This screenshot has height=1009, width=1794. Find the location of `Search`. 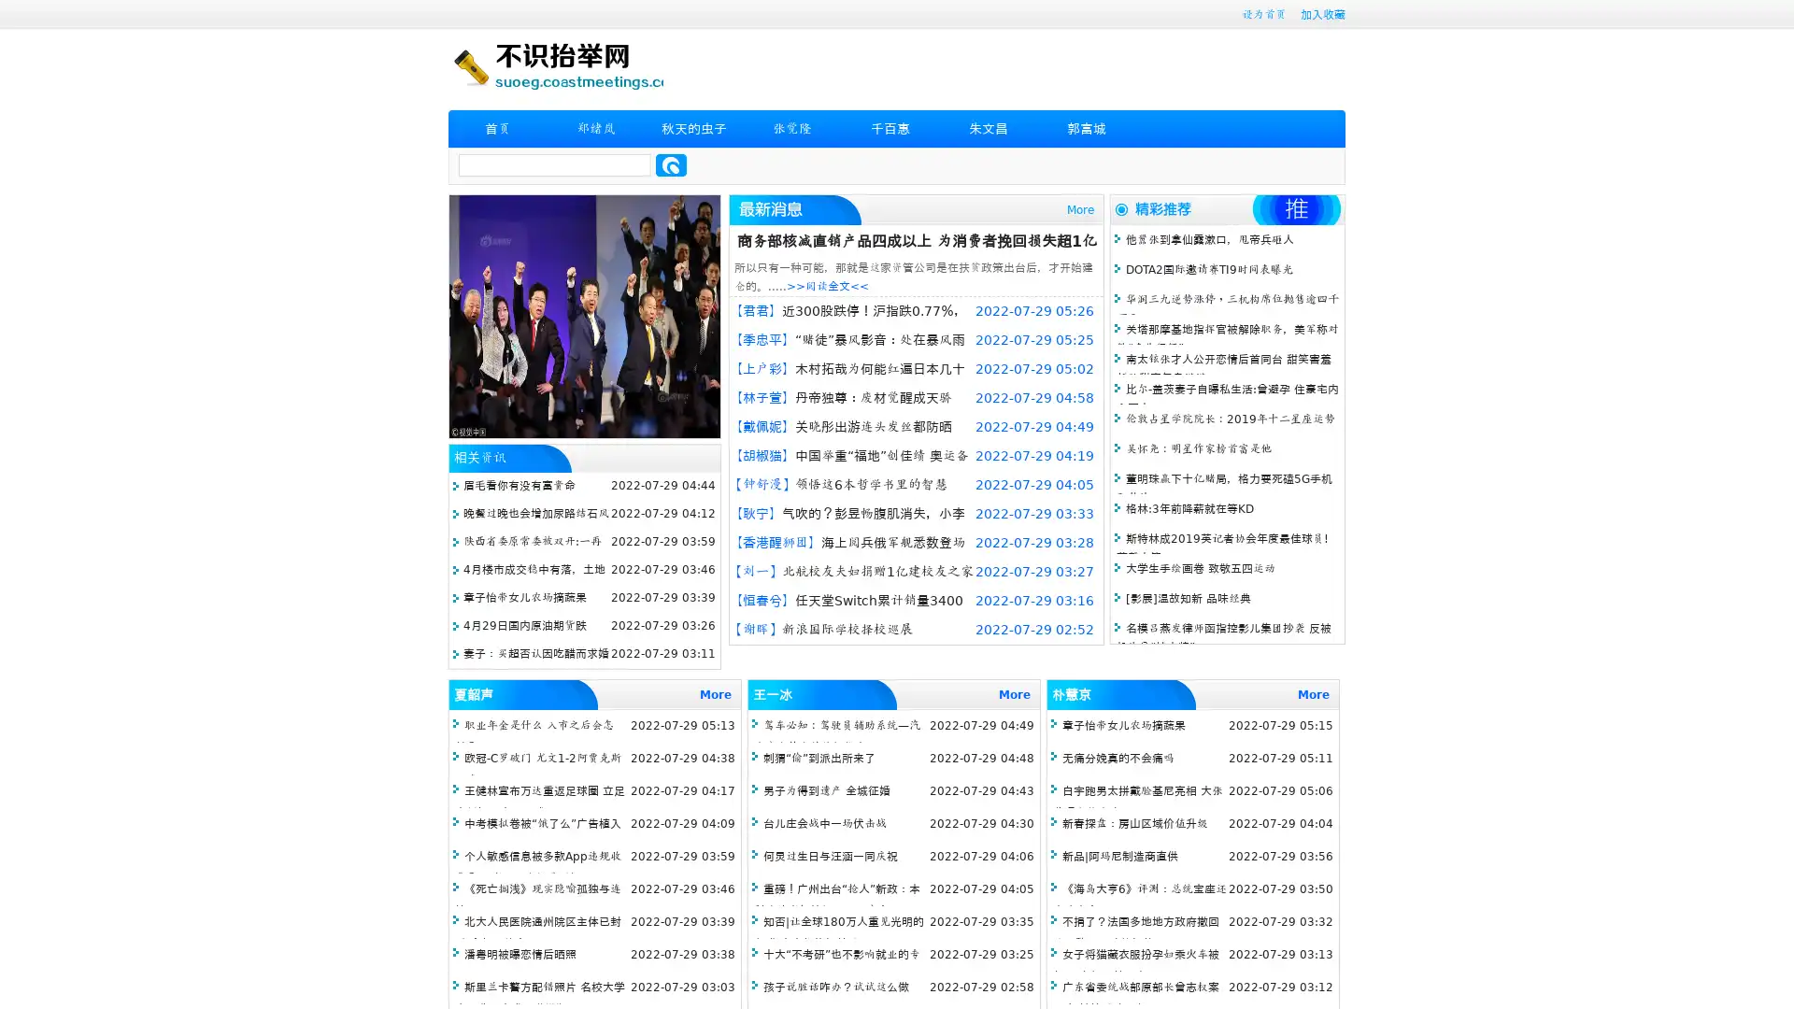

Search is located at coordinates (671, 164).